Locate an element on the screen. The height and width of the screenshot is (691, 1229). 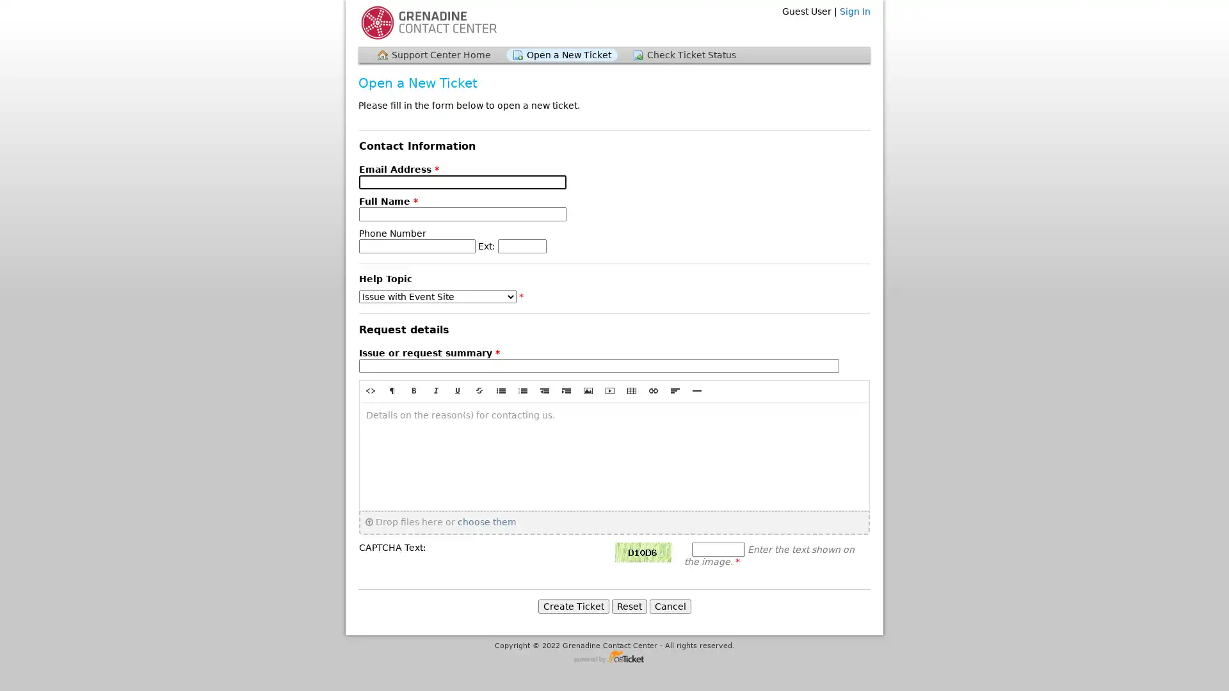
Insert Image is located at coordinates (587, 390).